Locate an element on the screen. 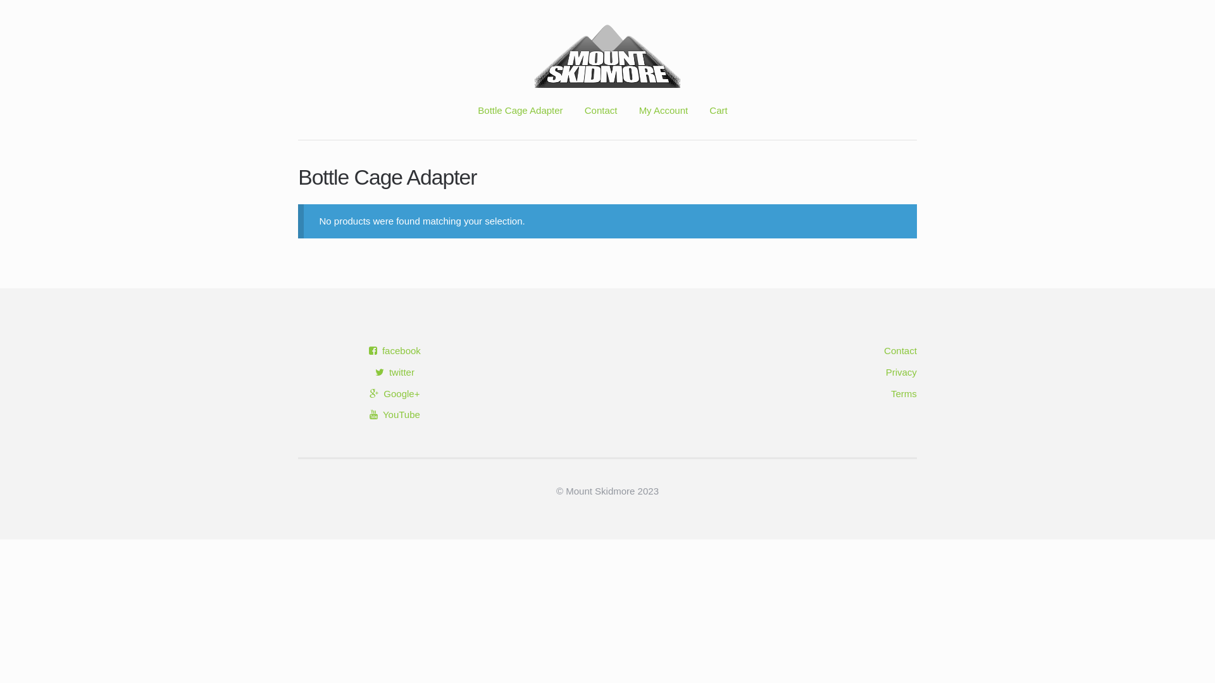 This screenshot has height=683, width=1215. 'facebook' is located at coordinates (394, 350).